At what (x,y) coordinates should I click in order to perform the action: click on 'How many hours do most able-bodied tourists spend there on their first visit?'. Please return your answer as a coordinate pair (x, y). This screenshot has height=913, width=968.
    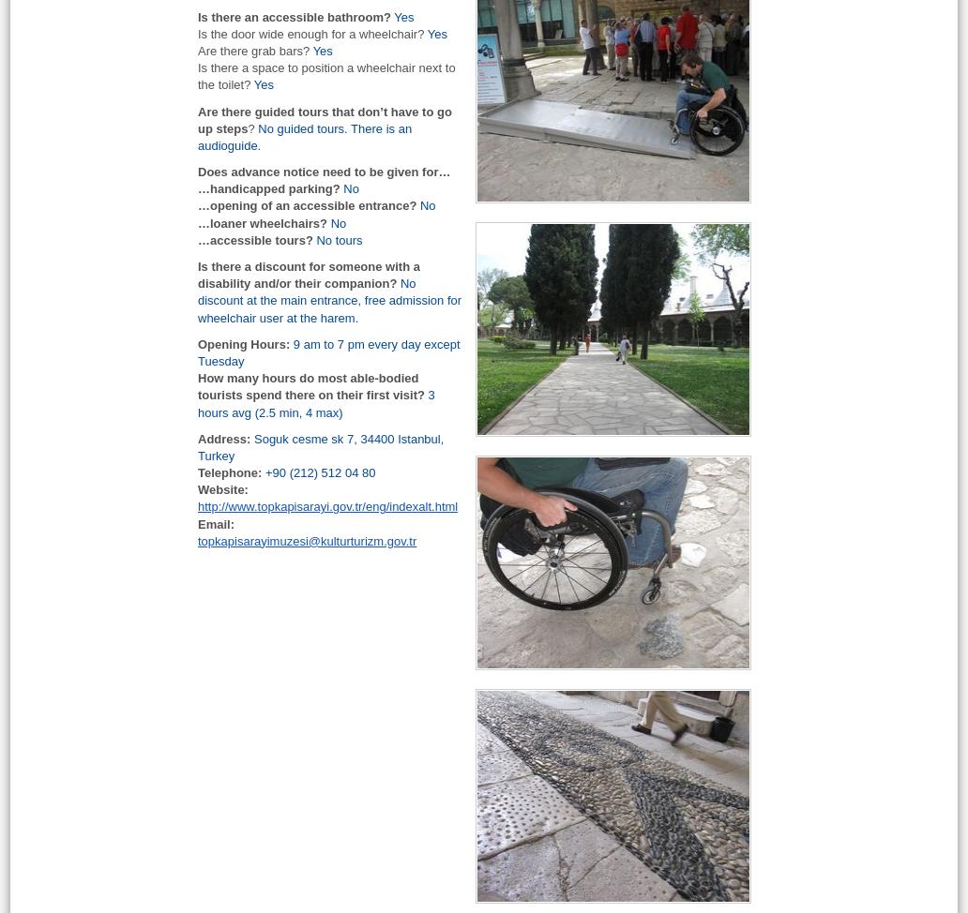
    Looking at the image, I should click on (310, 385).